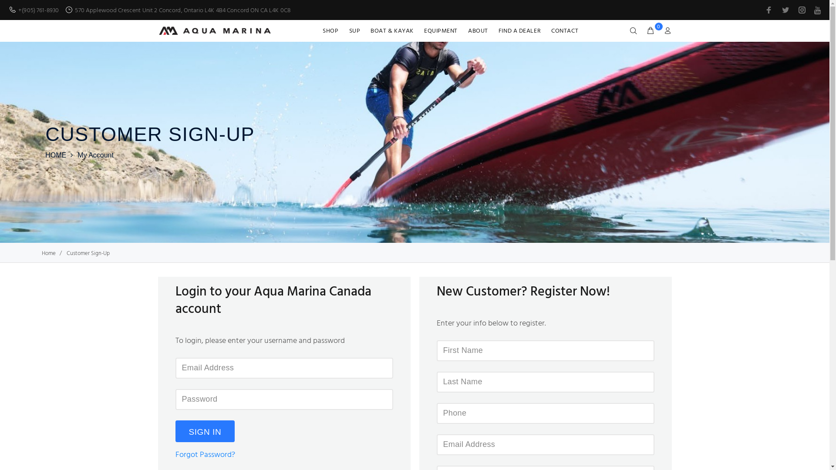 The width and height of the screenshot is (836, 470). I want to click on 'FIND A DEALER', so click(519, 30).